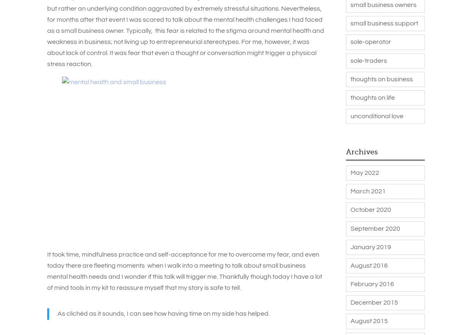 The height and width of the screenshot is (335, 472). What do you see at coordinates (163, 314) in the screenshot?
I see `'As clichèd as it sounds, I can see how having time on my side has helped.'` at bounding box center [163, 314].